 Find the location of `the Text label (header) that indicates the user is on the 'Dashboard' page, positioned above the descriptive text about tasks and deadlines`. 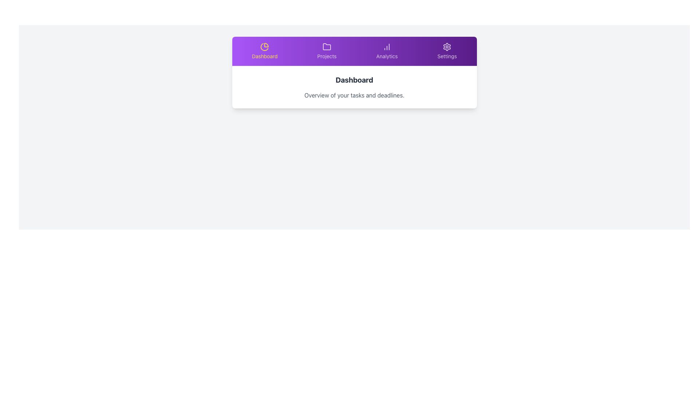

the Text label (header) that indicates the user is on the 'Dashboard' page, positioned above the descriptive text about tasks and deadlines is located at coordinates (354, 80).